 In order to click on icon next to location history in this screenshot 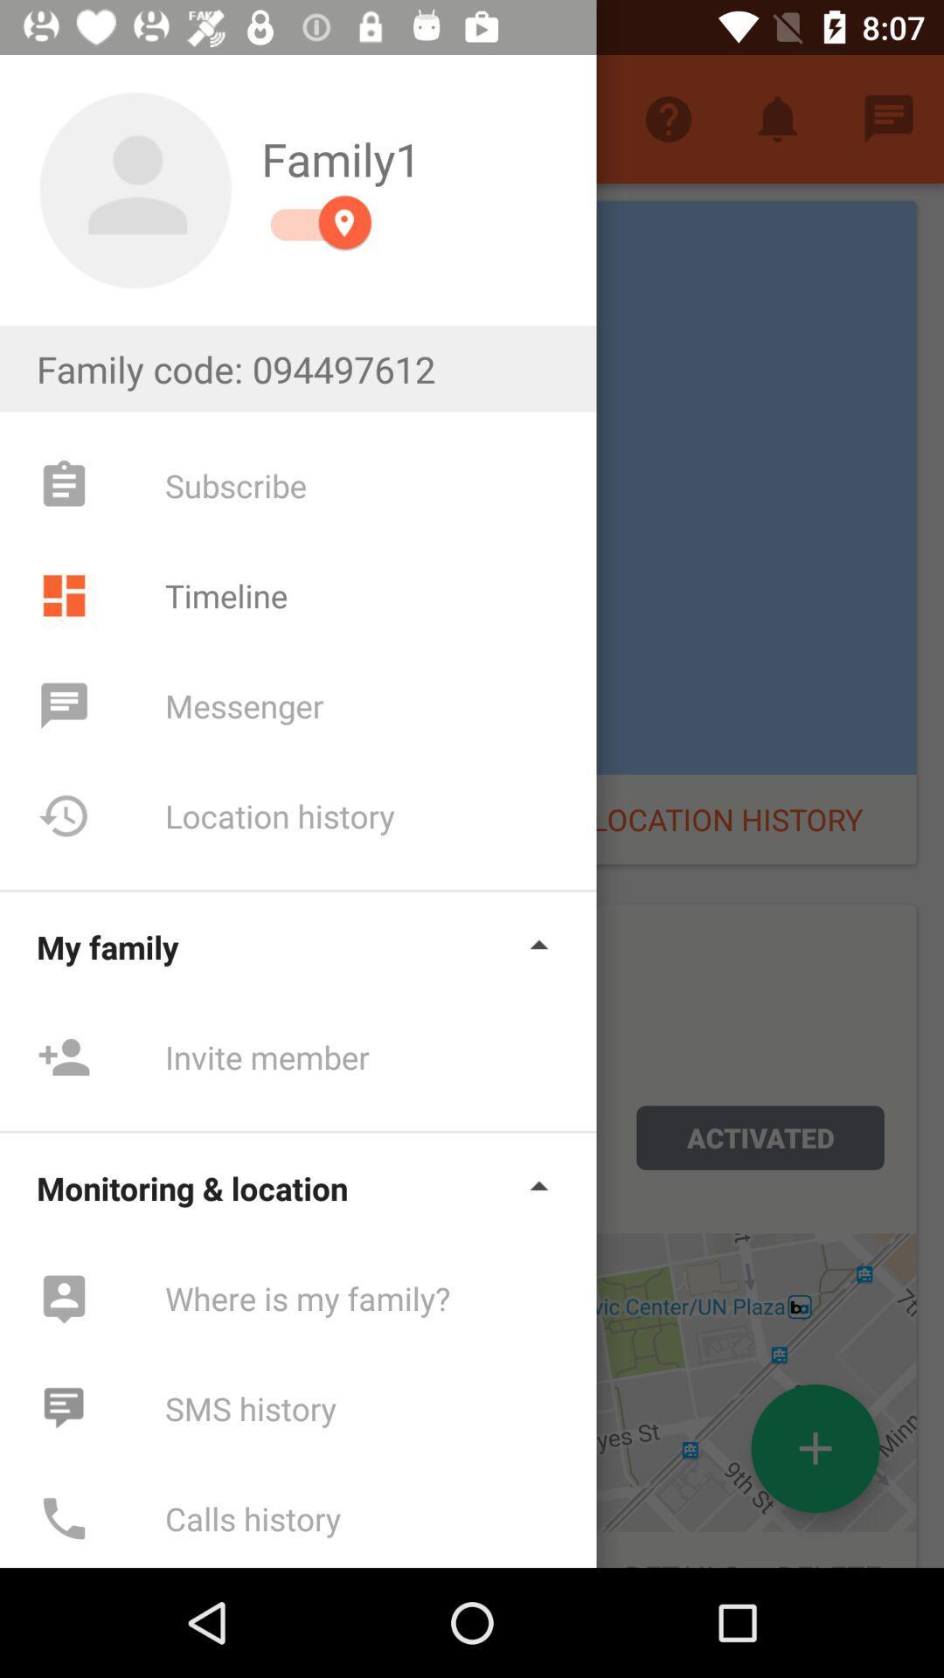, I will do `click(63, 815)`.